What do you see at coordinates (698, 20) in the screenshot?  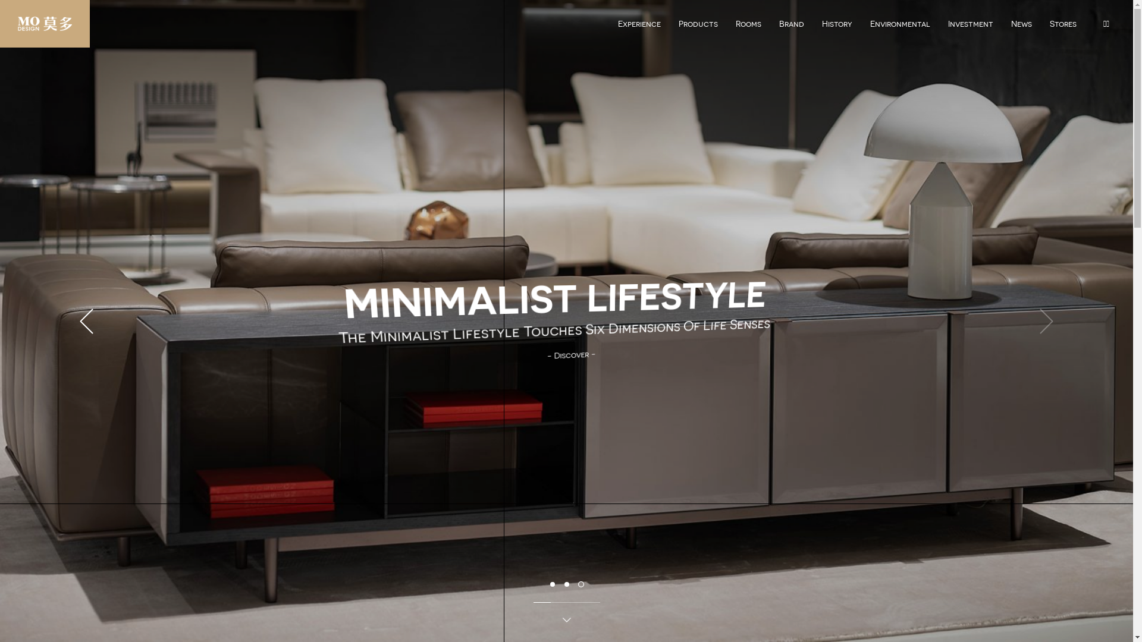 I see `'Products'` at bounding box center [698, 20].